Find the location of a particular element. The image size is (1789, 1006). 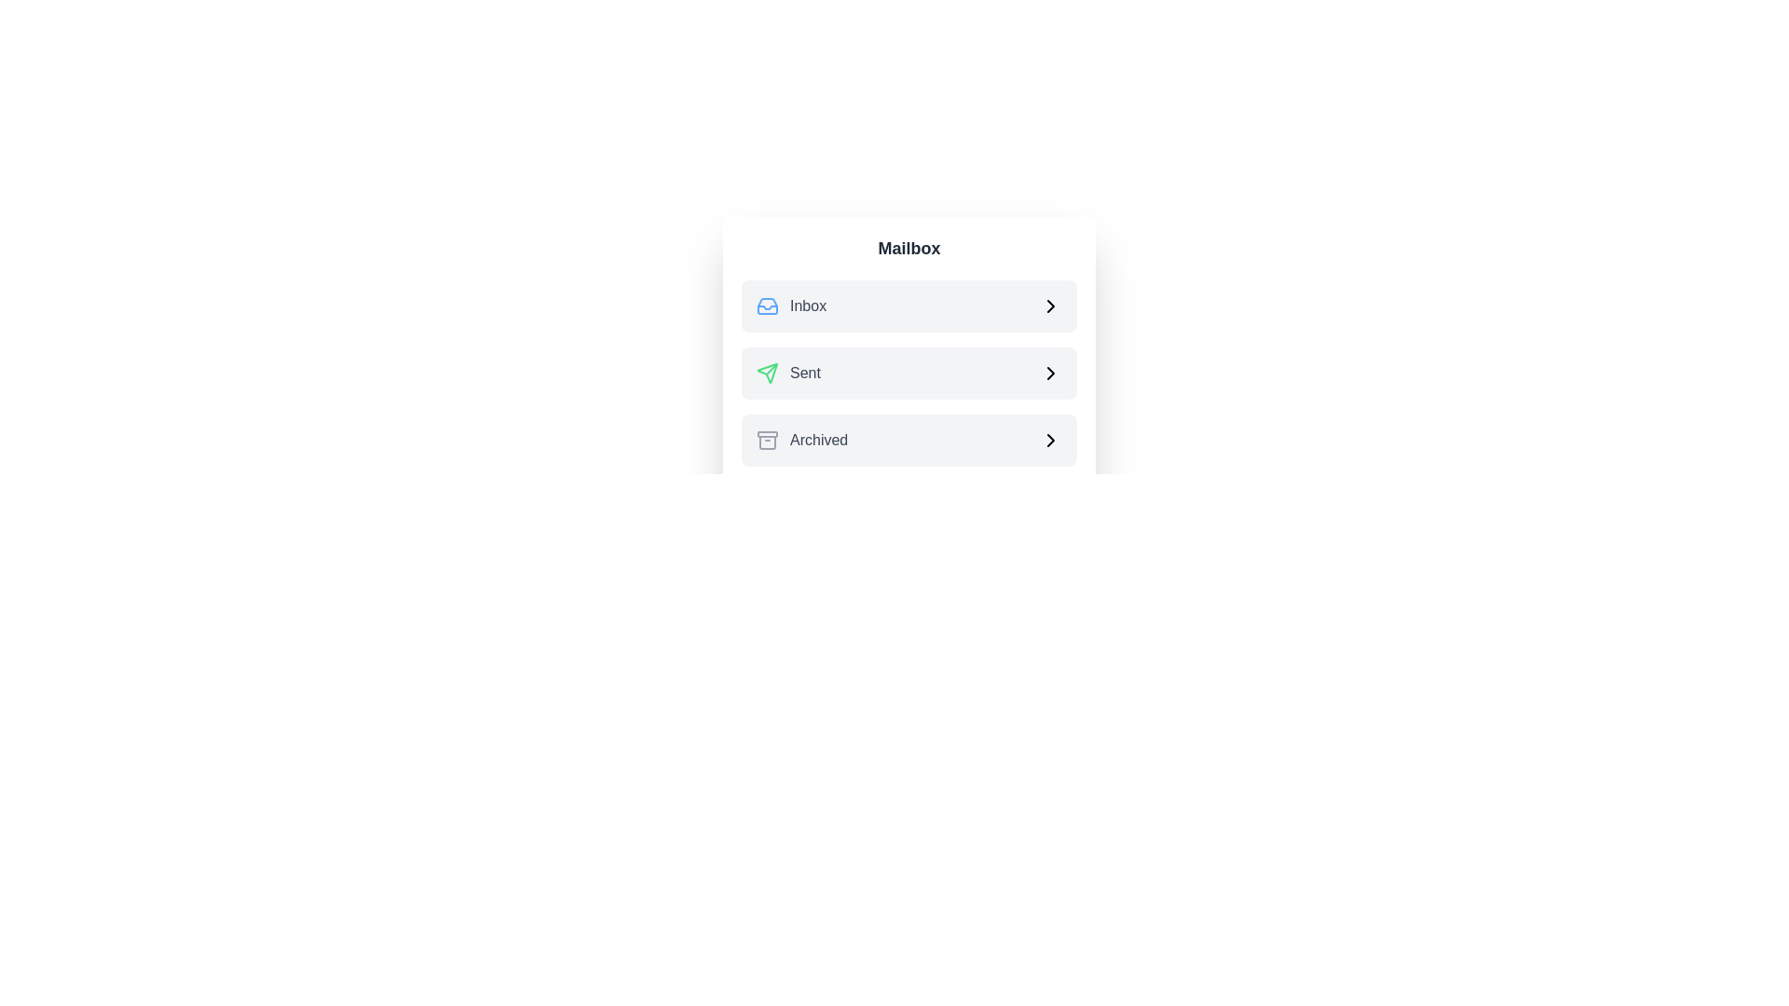

the 'Inbox' Label with Icon is located at coordinates (791, 305).